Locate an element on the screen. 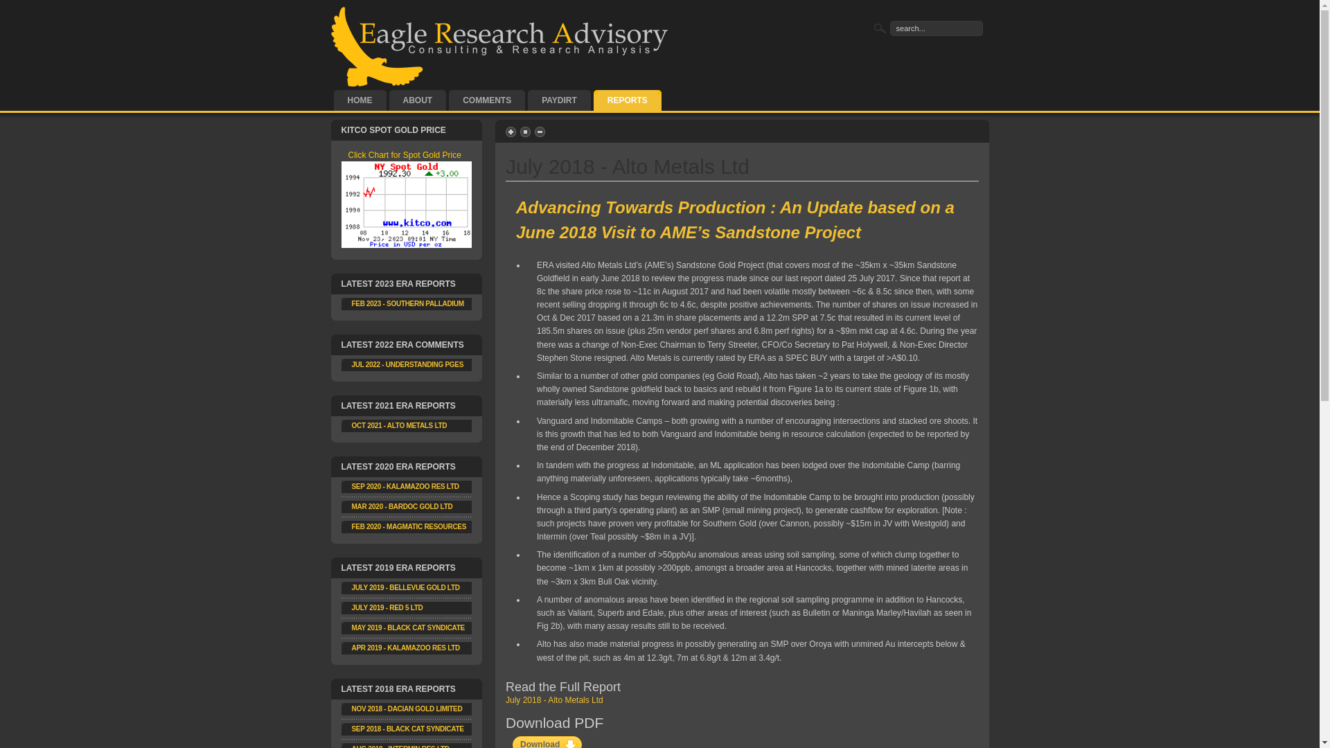 Image resolution: width=1330 pixels, height=748 pixels. 'JUL 2022 - UNDERSTANDING PGES' is located at coordinates (407, 364).